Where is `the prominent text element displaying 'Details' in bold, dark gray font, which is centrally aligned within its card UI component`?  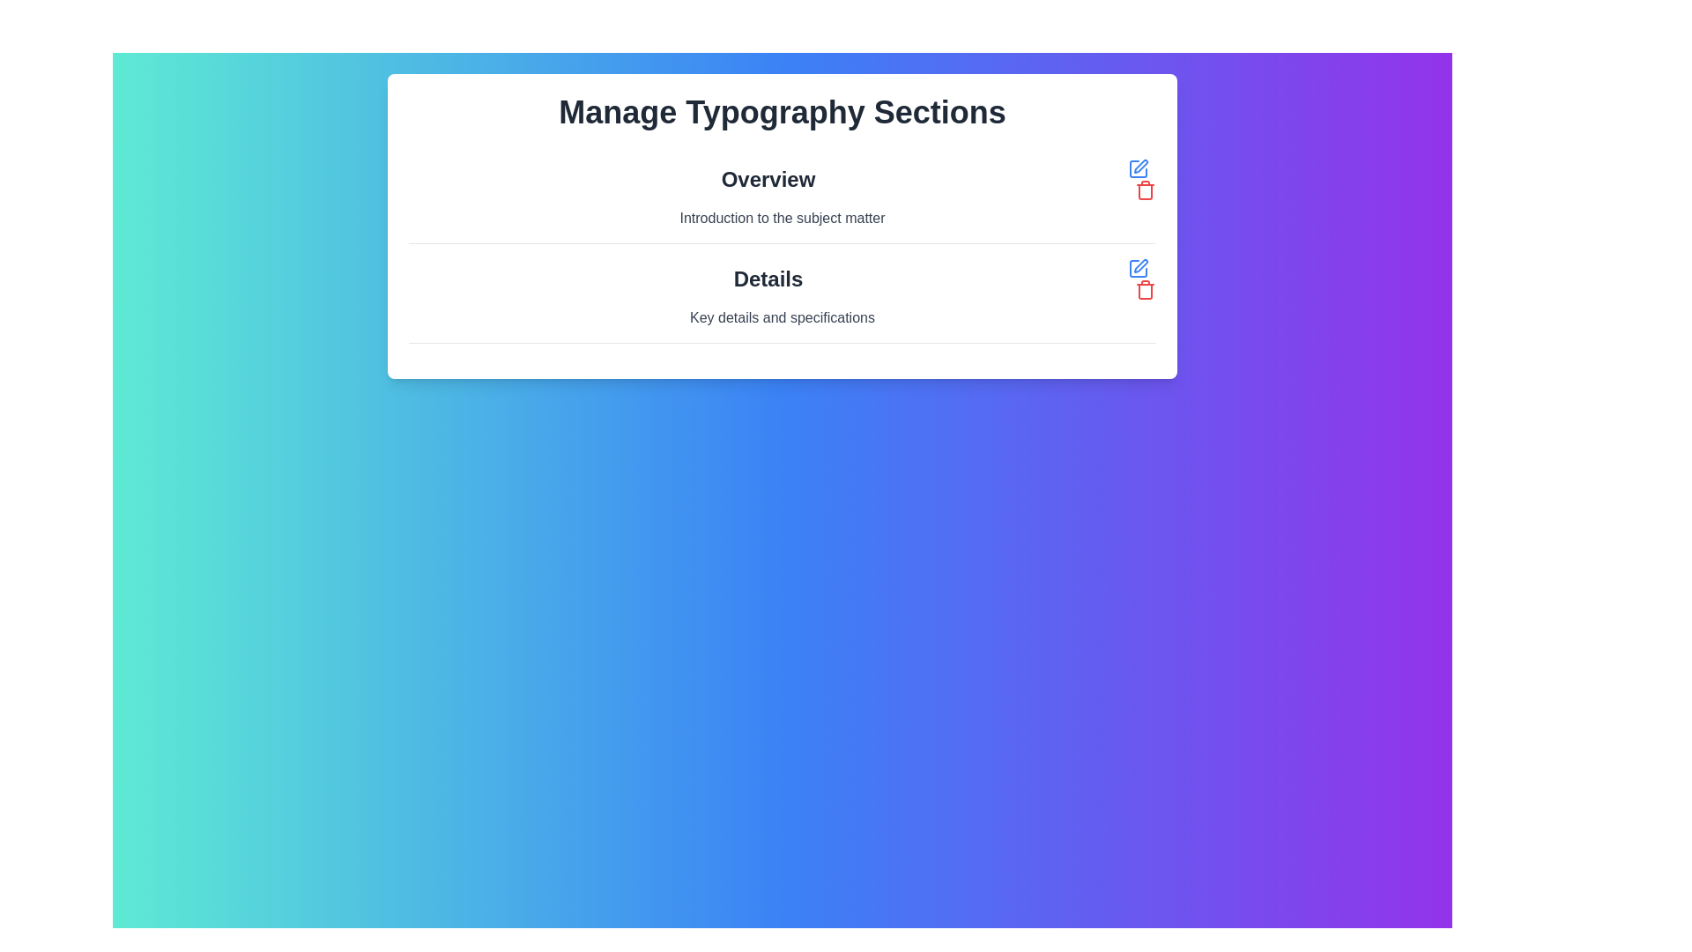
the prominent text element displaying 'Details' in bold, dark gray font, which is centrally aligned within its card UI component is located at coordinates (768, 278).